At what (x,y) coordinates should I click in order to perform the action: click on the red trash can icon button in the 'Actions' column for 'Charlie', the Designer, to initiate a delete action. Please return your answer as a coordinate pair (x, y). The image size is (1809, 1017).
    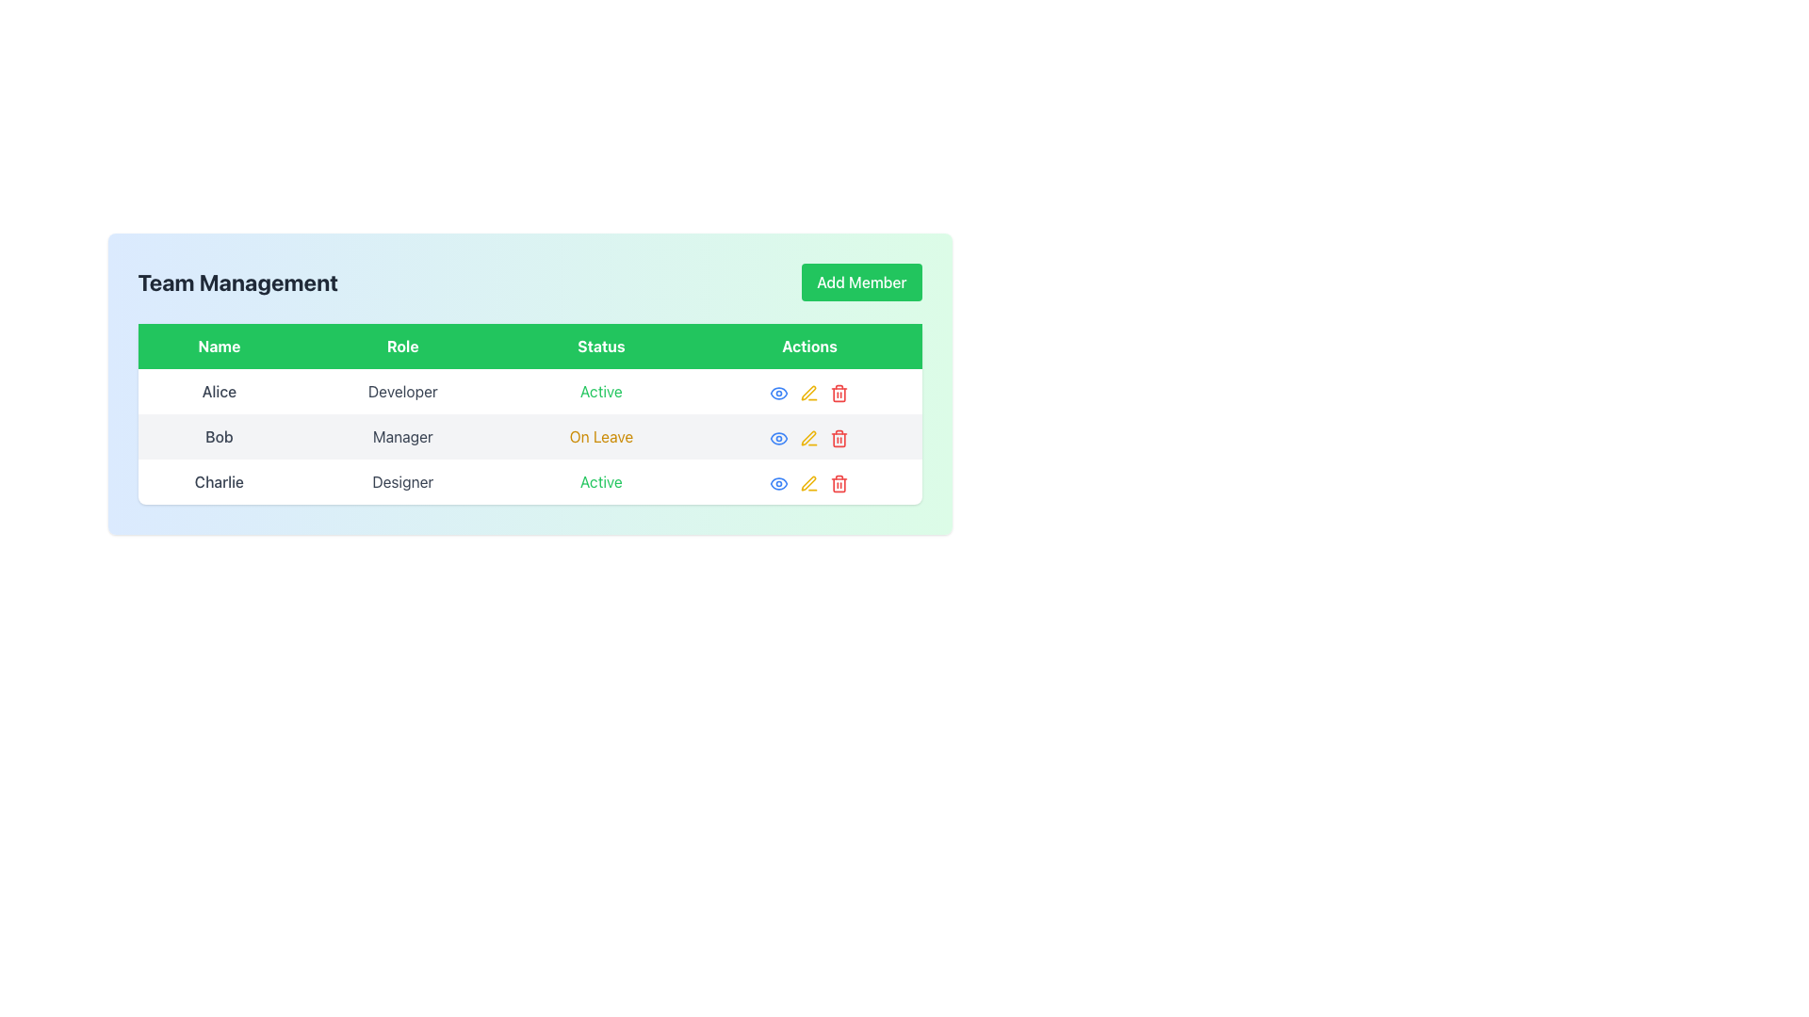
    Looking at the image, I should click on (839, 482).